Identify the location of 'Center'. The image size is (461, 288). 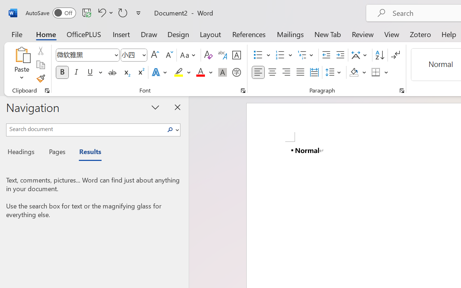
(272, 72).